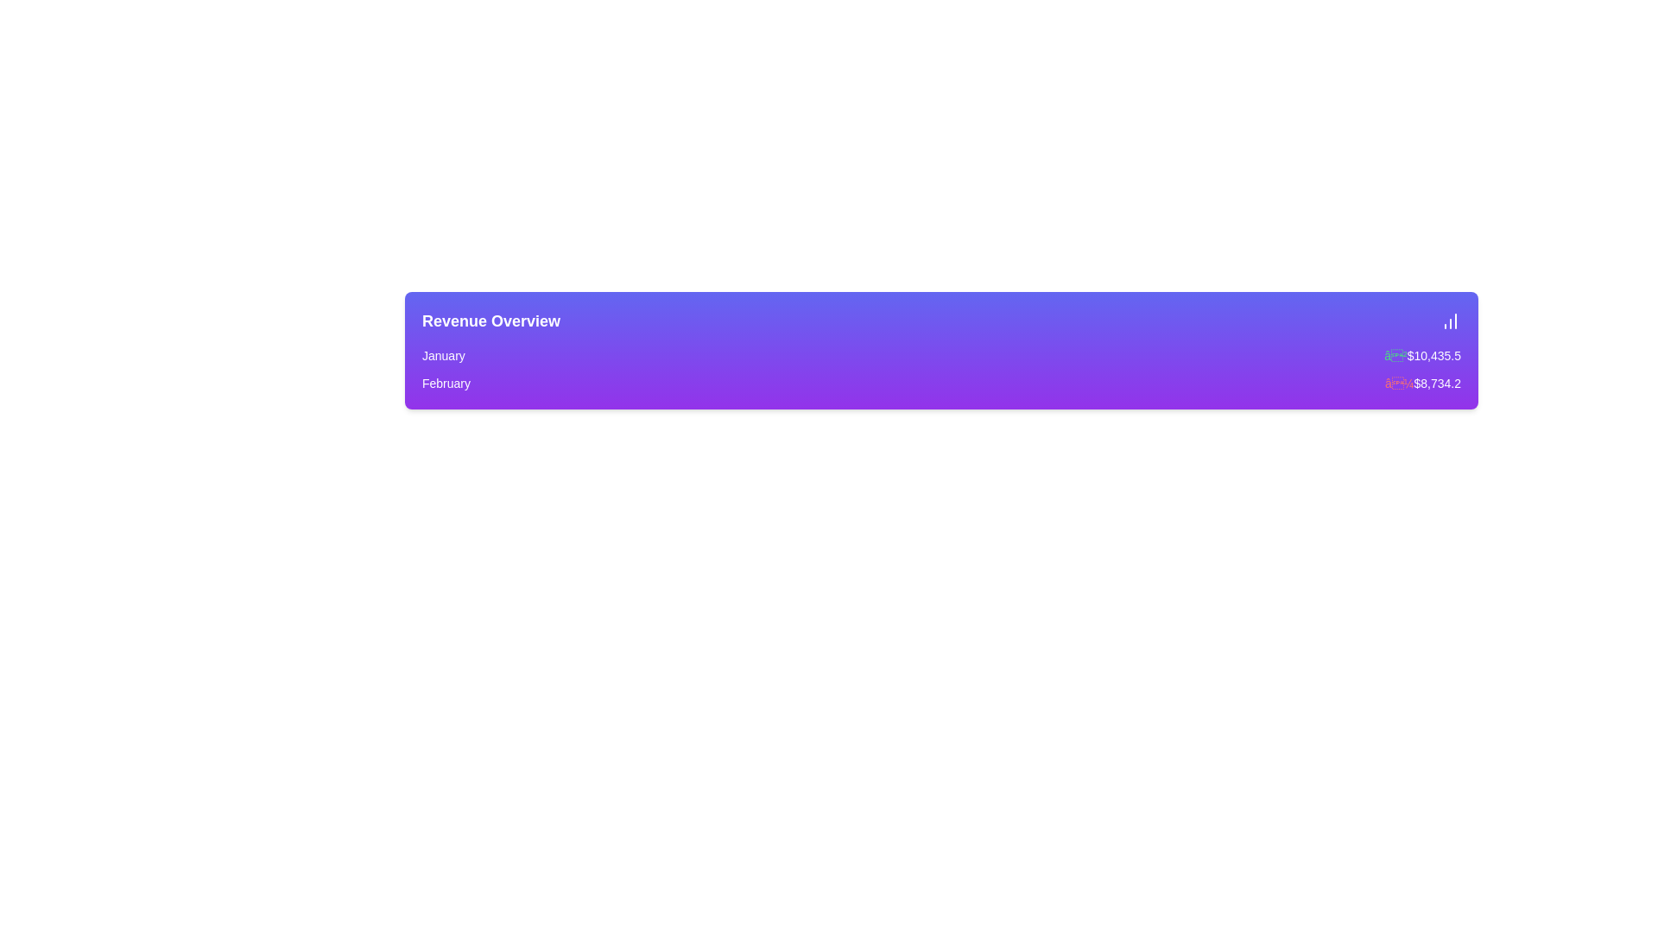 This screenshot has width=1658, height=933. Describe the element at coordinates (443, 355) in the screenshot. I see `the 'January' text label, which indicates the month in a financial overview context, positioned above 'February' within a horizontal group of elements` at that location.